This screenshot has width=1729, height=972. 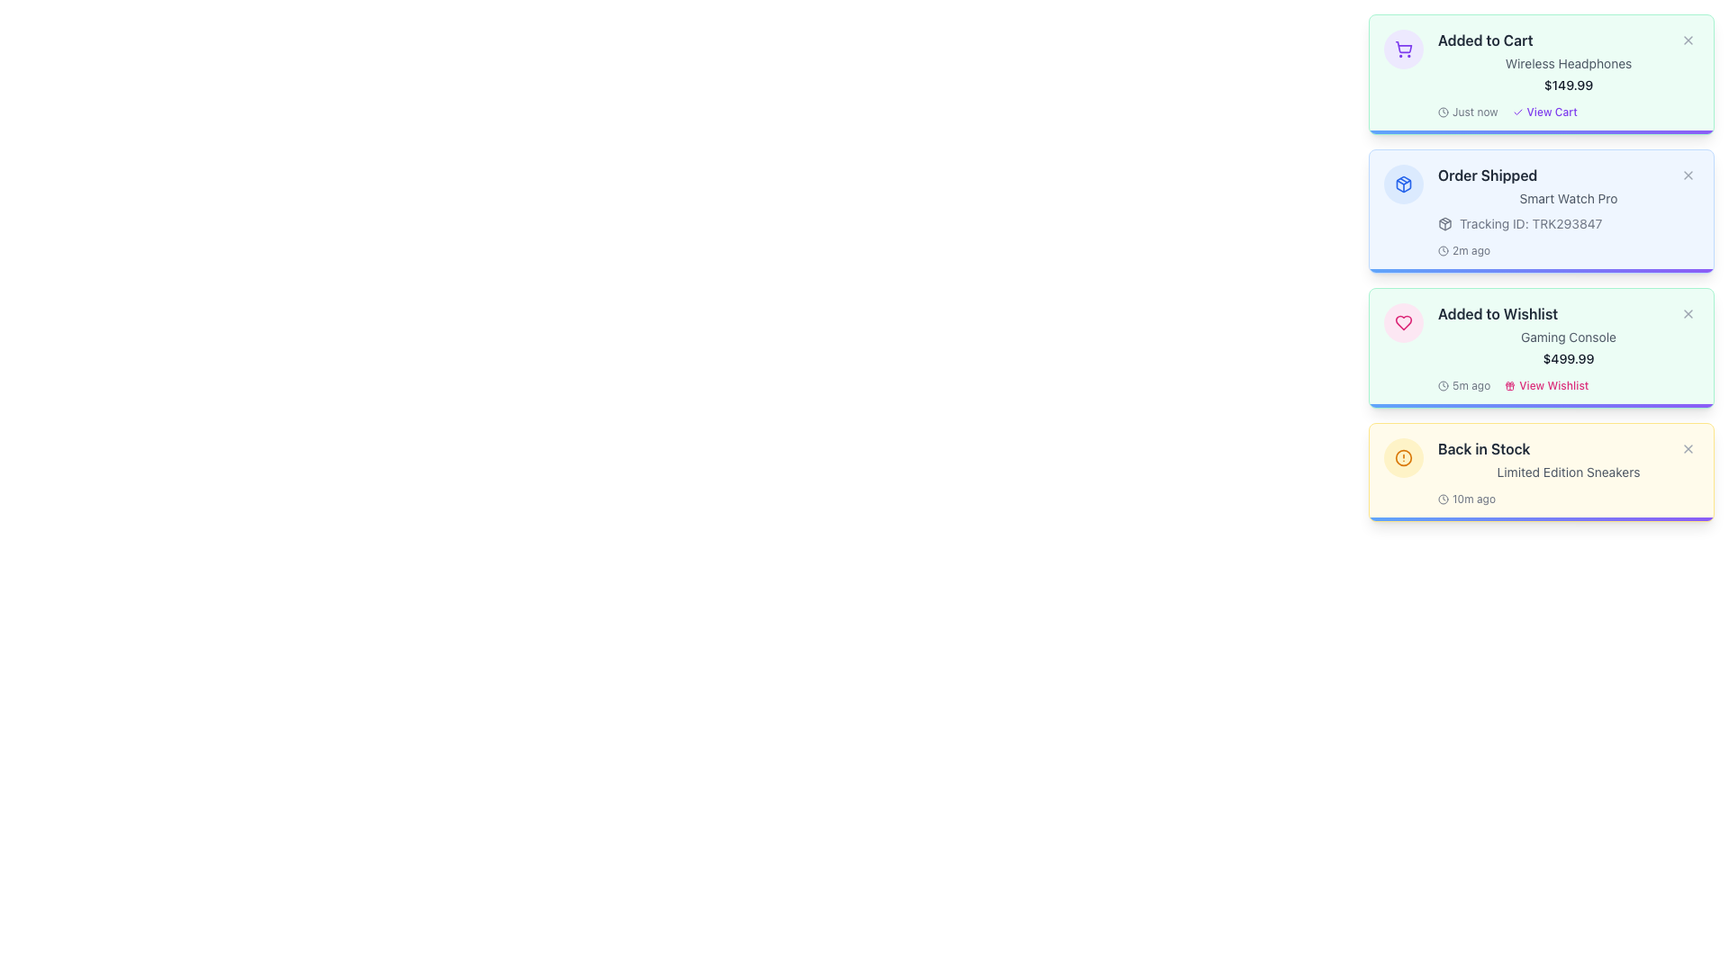 What do you see at coordinates (1485, 40) in the screenshot?
I see `the 'Added to Cart' text label, which is a bold dark gray label located at the top-left corner of a green notification item in the vertical notification list` at bounding box center [1485, 40].